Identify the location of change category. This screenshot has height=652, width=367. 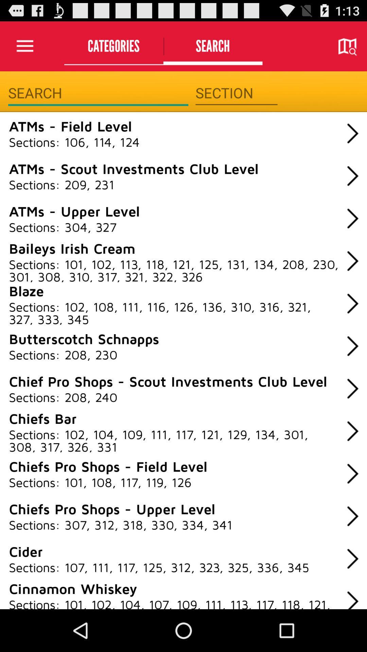
(236, 93).